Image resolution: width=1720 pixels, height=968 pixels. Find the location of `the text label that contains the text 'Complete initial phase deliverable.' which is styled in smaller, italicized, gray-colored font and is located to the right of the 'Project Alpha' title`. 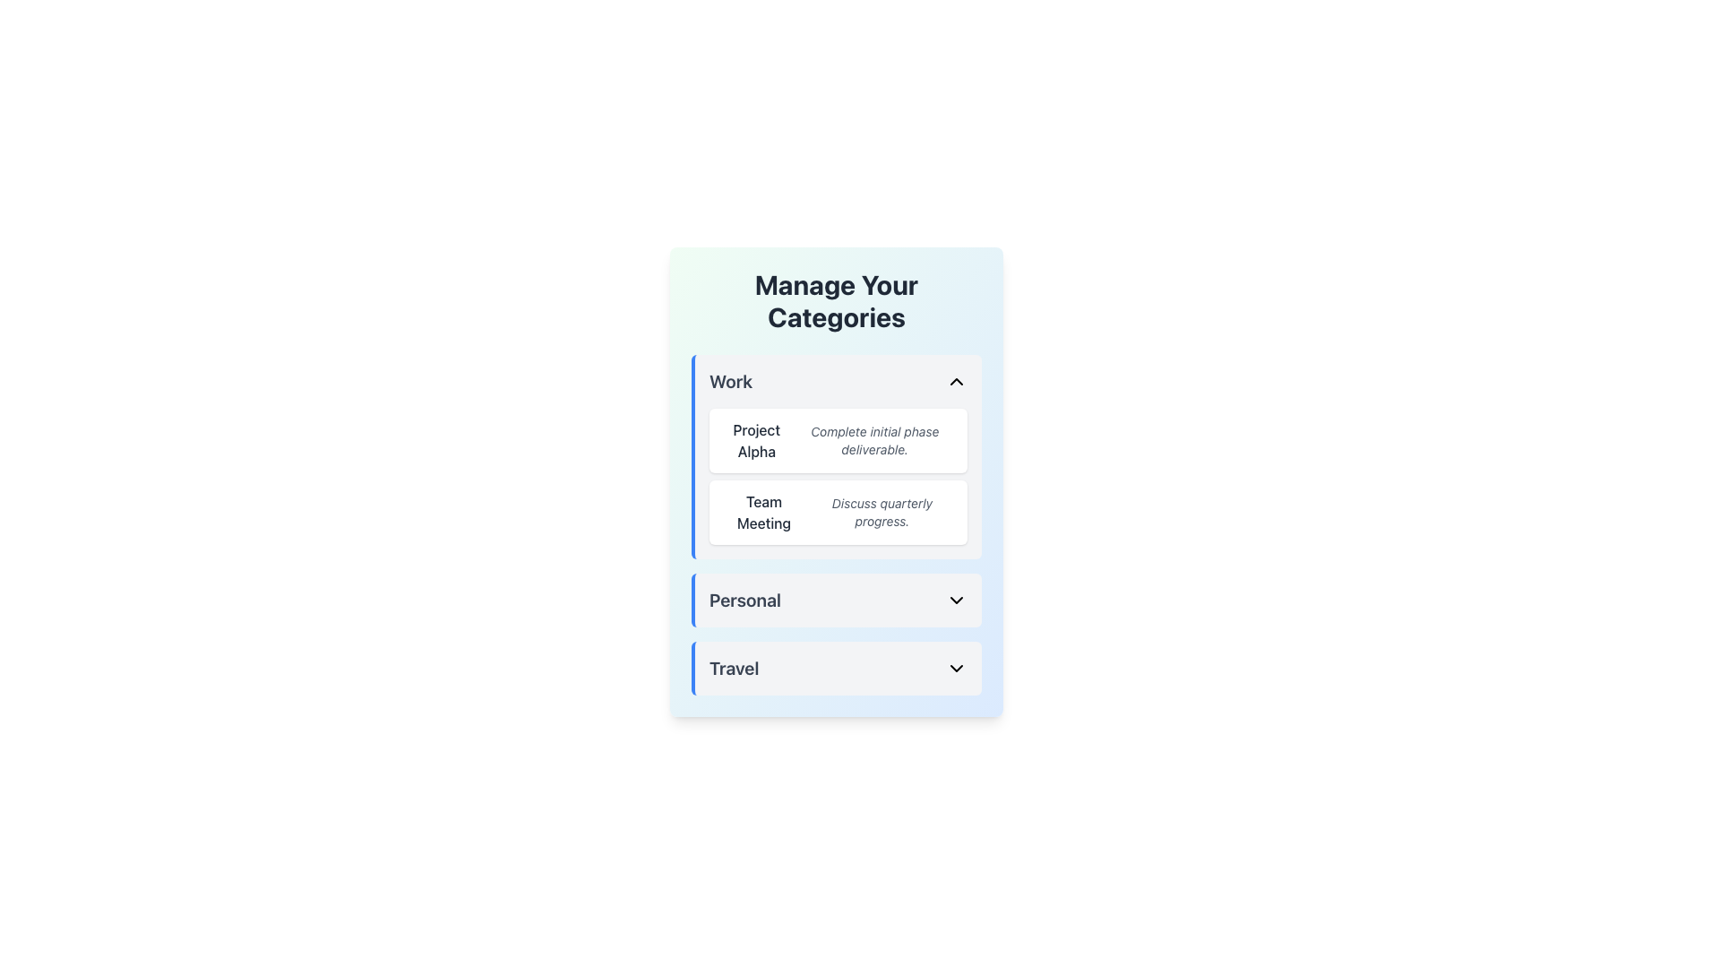

the text label that contains the text 'Complete initial phase deliverable.' which is styled in smaller, italicized, gray-colored font and is located to the right of the 'Project Alpha' title is located at coordinates (874, 441).